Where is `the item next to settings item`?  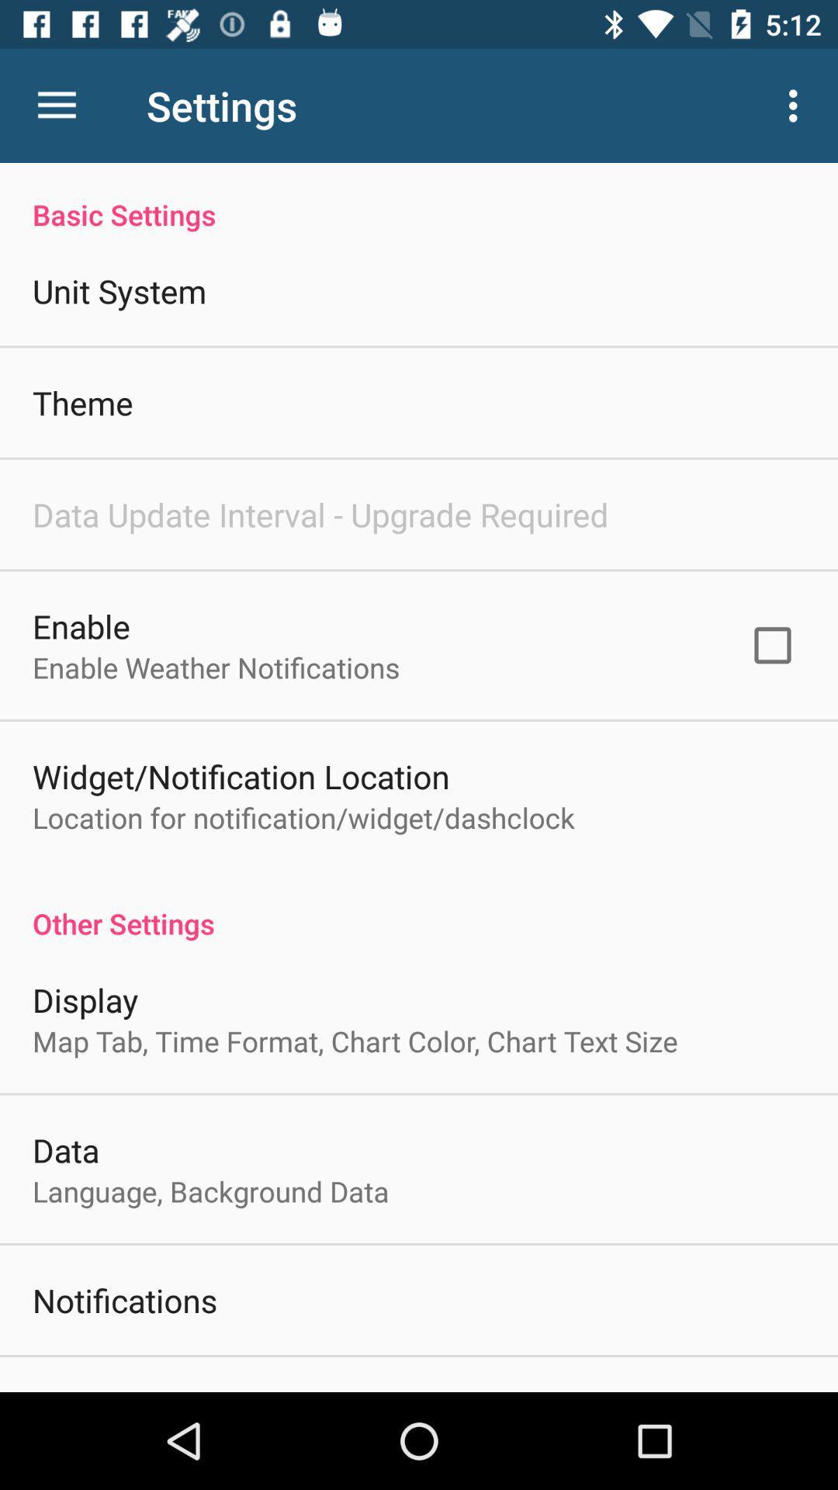 the item next to settings item is located at coordinates (56, 105).